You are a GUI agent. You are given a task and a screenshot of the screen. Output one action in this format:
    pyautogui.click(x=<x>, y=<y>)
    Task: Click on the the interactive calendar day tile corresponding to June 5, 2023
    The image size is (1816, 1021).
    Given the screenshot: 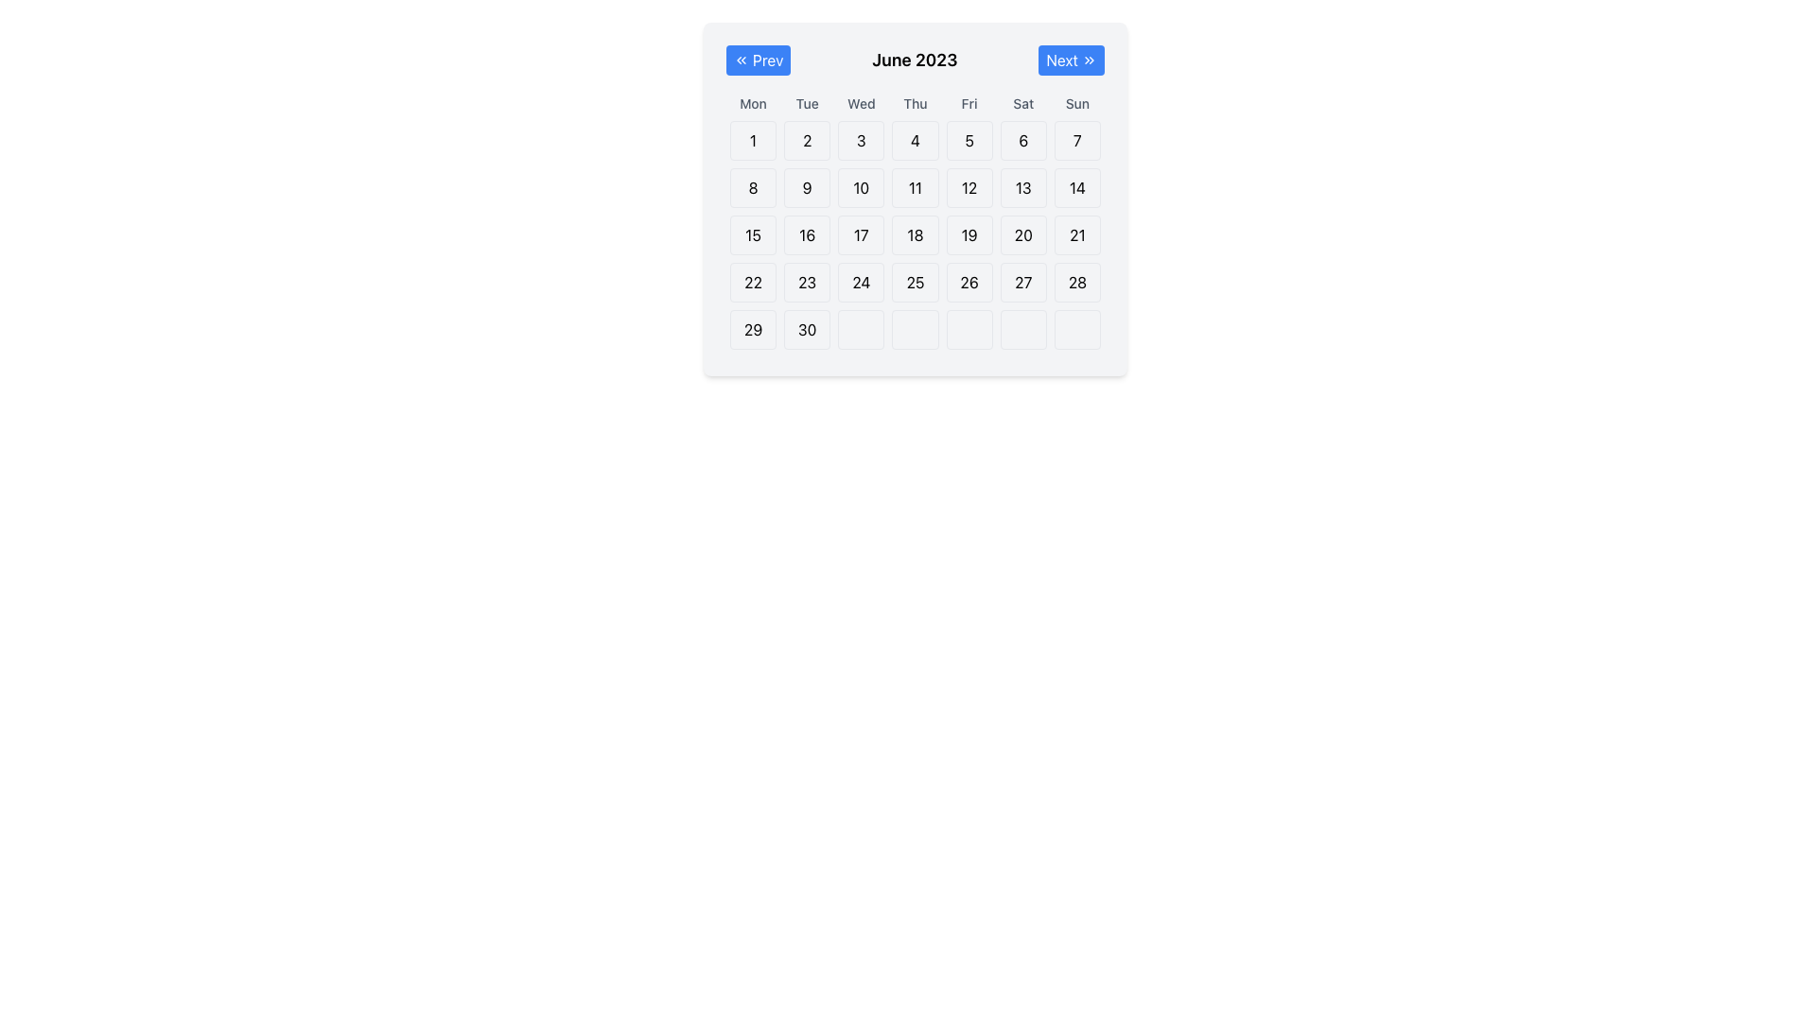 What is the action you would take?
    pyautogui.click(x=969, y=140)
    